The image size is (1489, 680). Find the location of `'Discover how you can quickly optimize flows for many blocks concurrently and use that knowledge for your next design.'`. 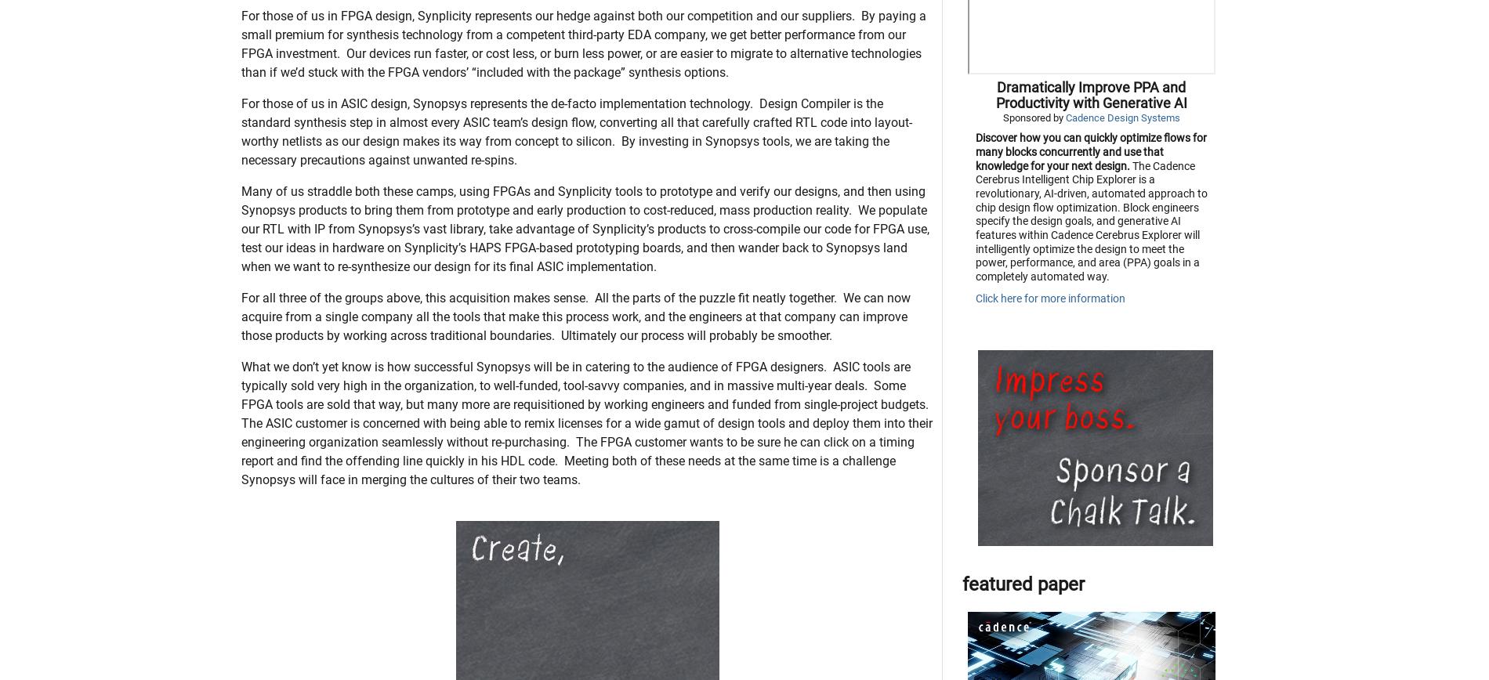

'Discover how you can quickly optimize flows for many blocks concurrently and use that knowledge for your next design.' is located at coordinates (973, 230).